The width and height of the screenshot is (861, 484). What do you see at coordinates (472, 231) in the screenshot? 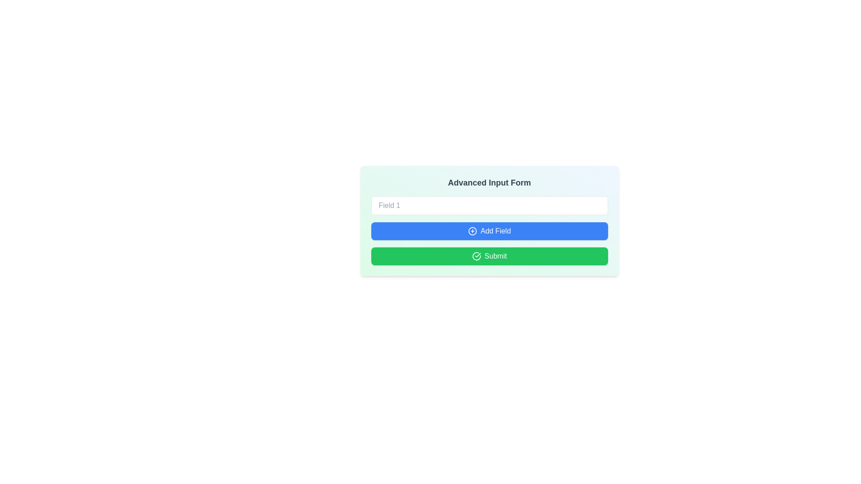
I see `the circular graphic part of the 'plus in a circle' SVG icon, which is located on the blue button labeled 'Add Field' under the input field 'Field 1'` at bounding box center [472, 231].